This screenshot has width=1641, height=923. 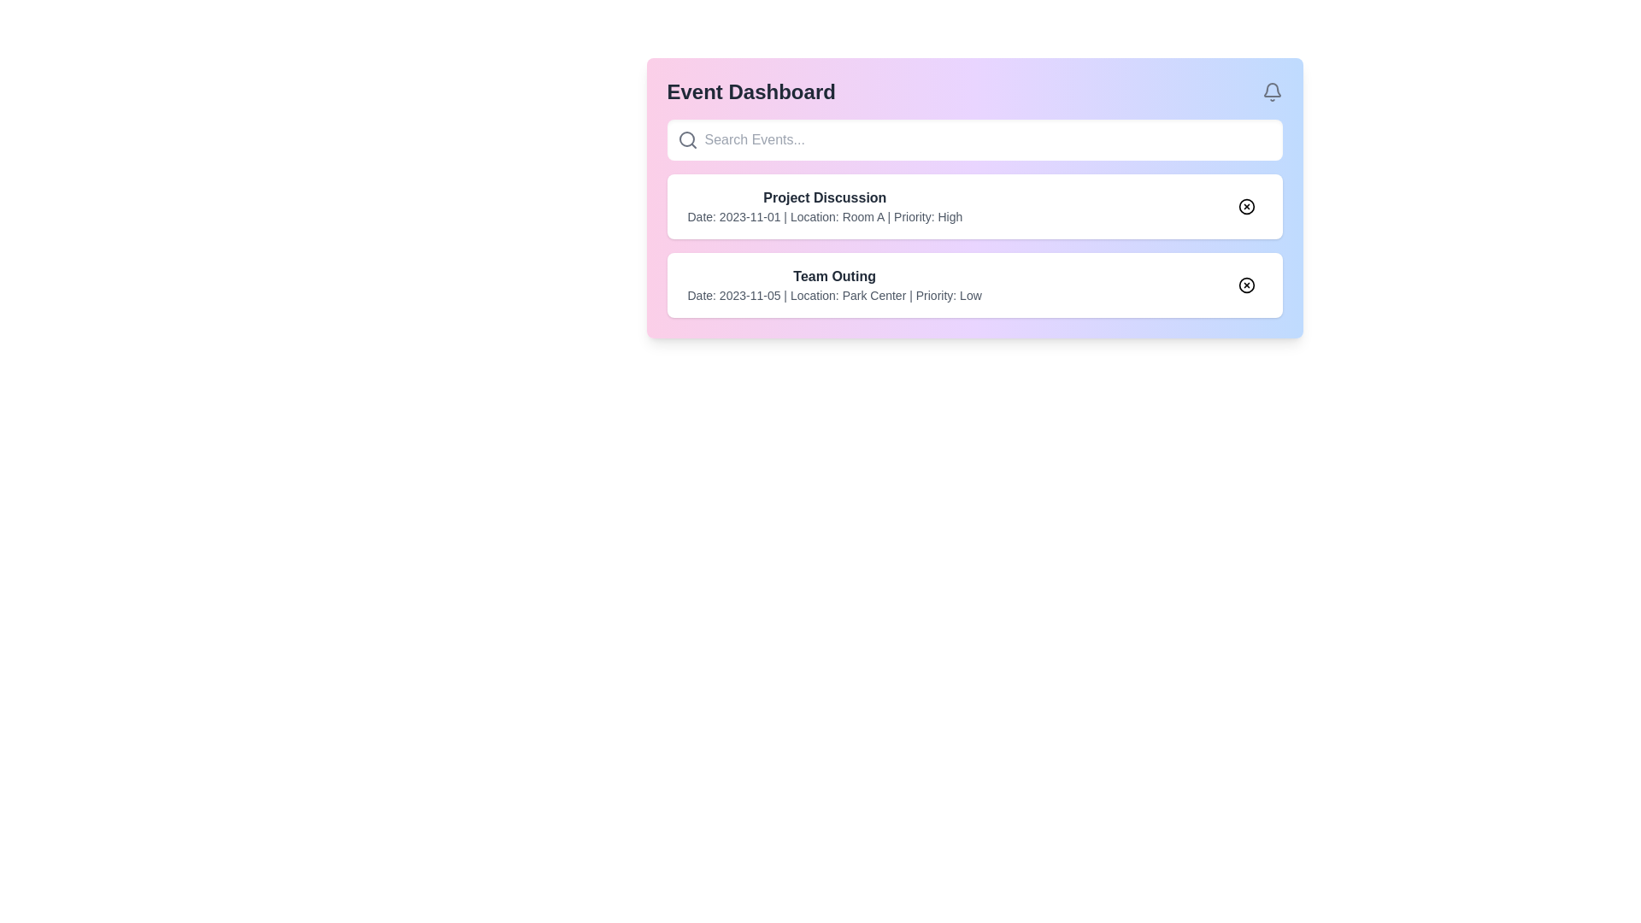 What do you see at coordinates (1246, 285) in the screenshot?
I see `the 'Delete' button located in the bottom-right corner of the 'Team Outing' card to interact` at bounding box center [1246, 285].